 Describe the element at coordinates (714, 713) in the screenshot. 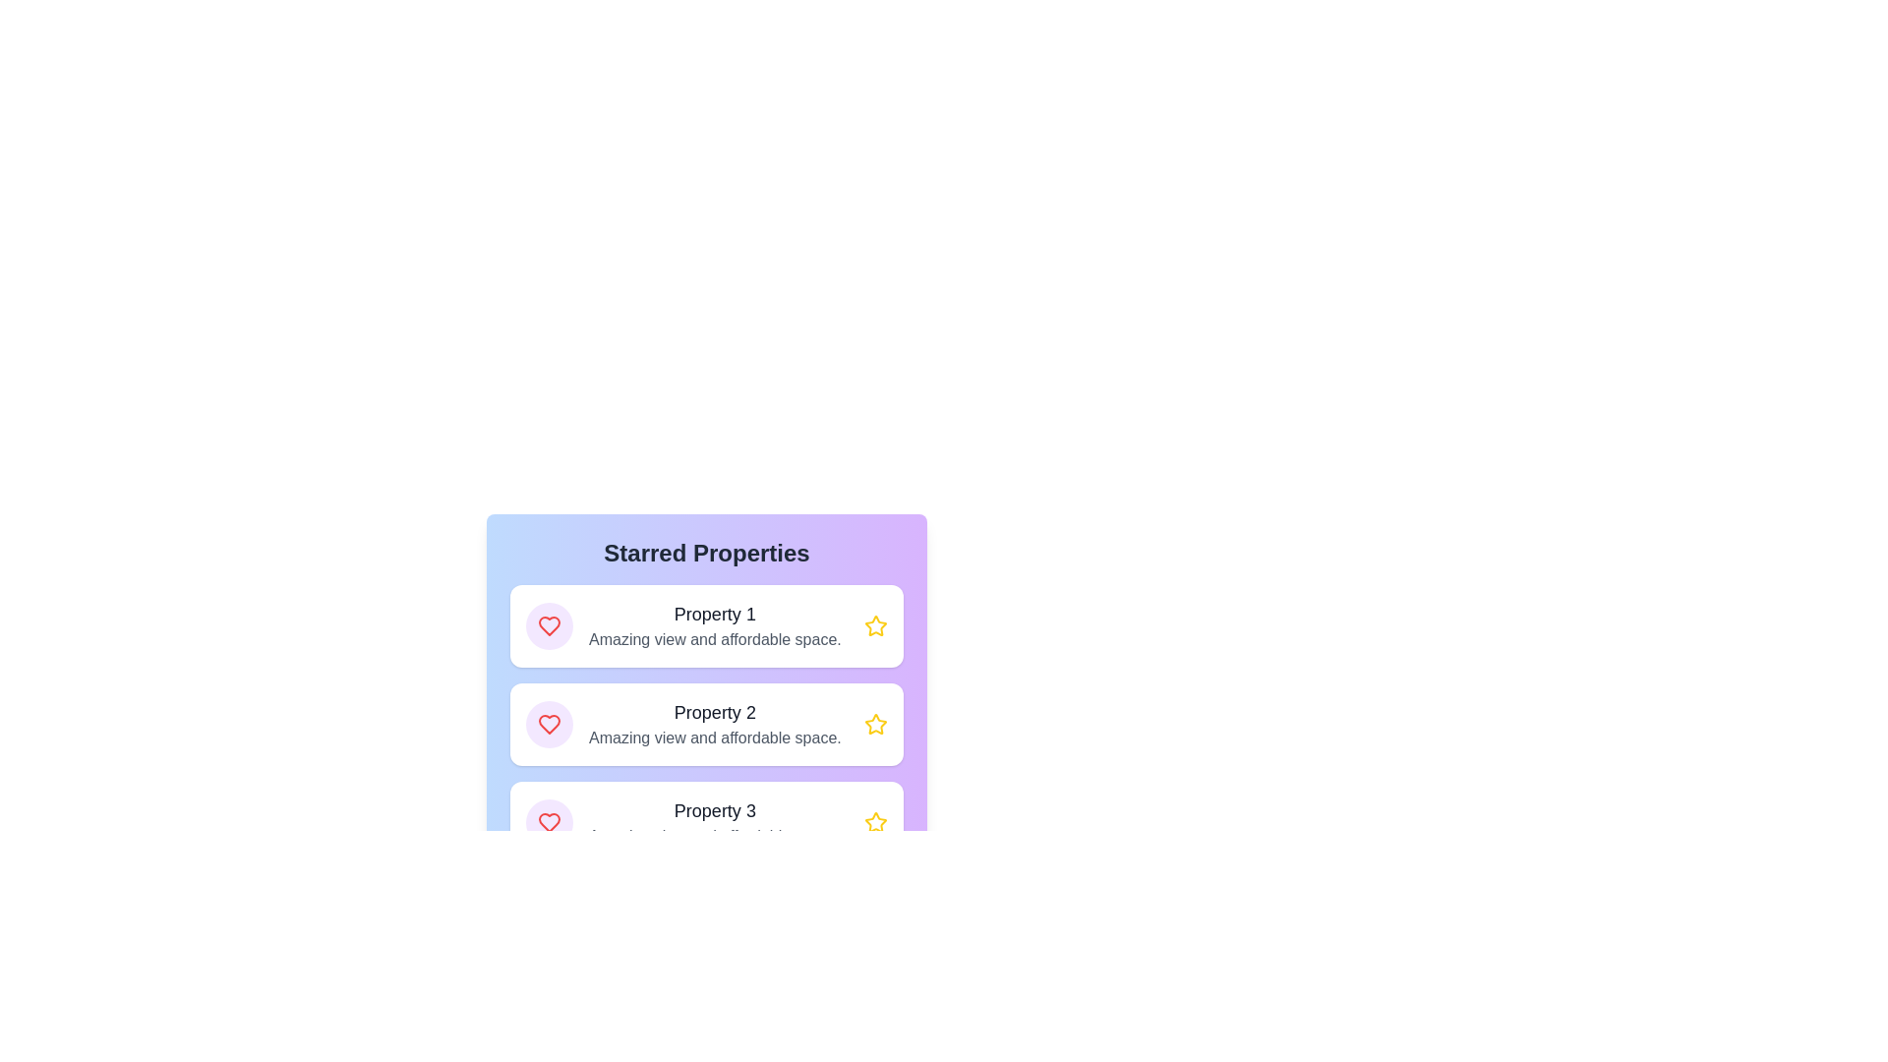

I see `text of the 'Property 2' label, which is a dark gray textual label styled with a larger font size, located in the second property card within the 'Starred Properties' section` at that location.